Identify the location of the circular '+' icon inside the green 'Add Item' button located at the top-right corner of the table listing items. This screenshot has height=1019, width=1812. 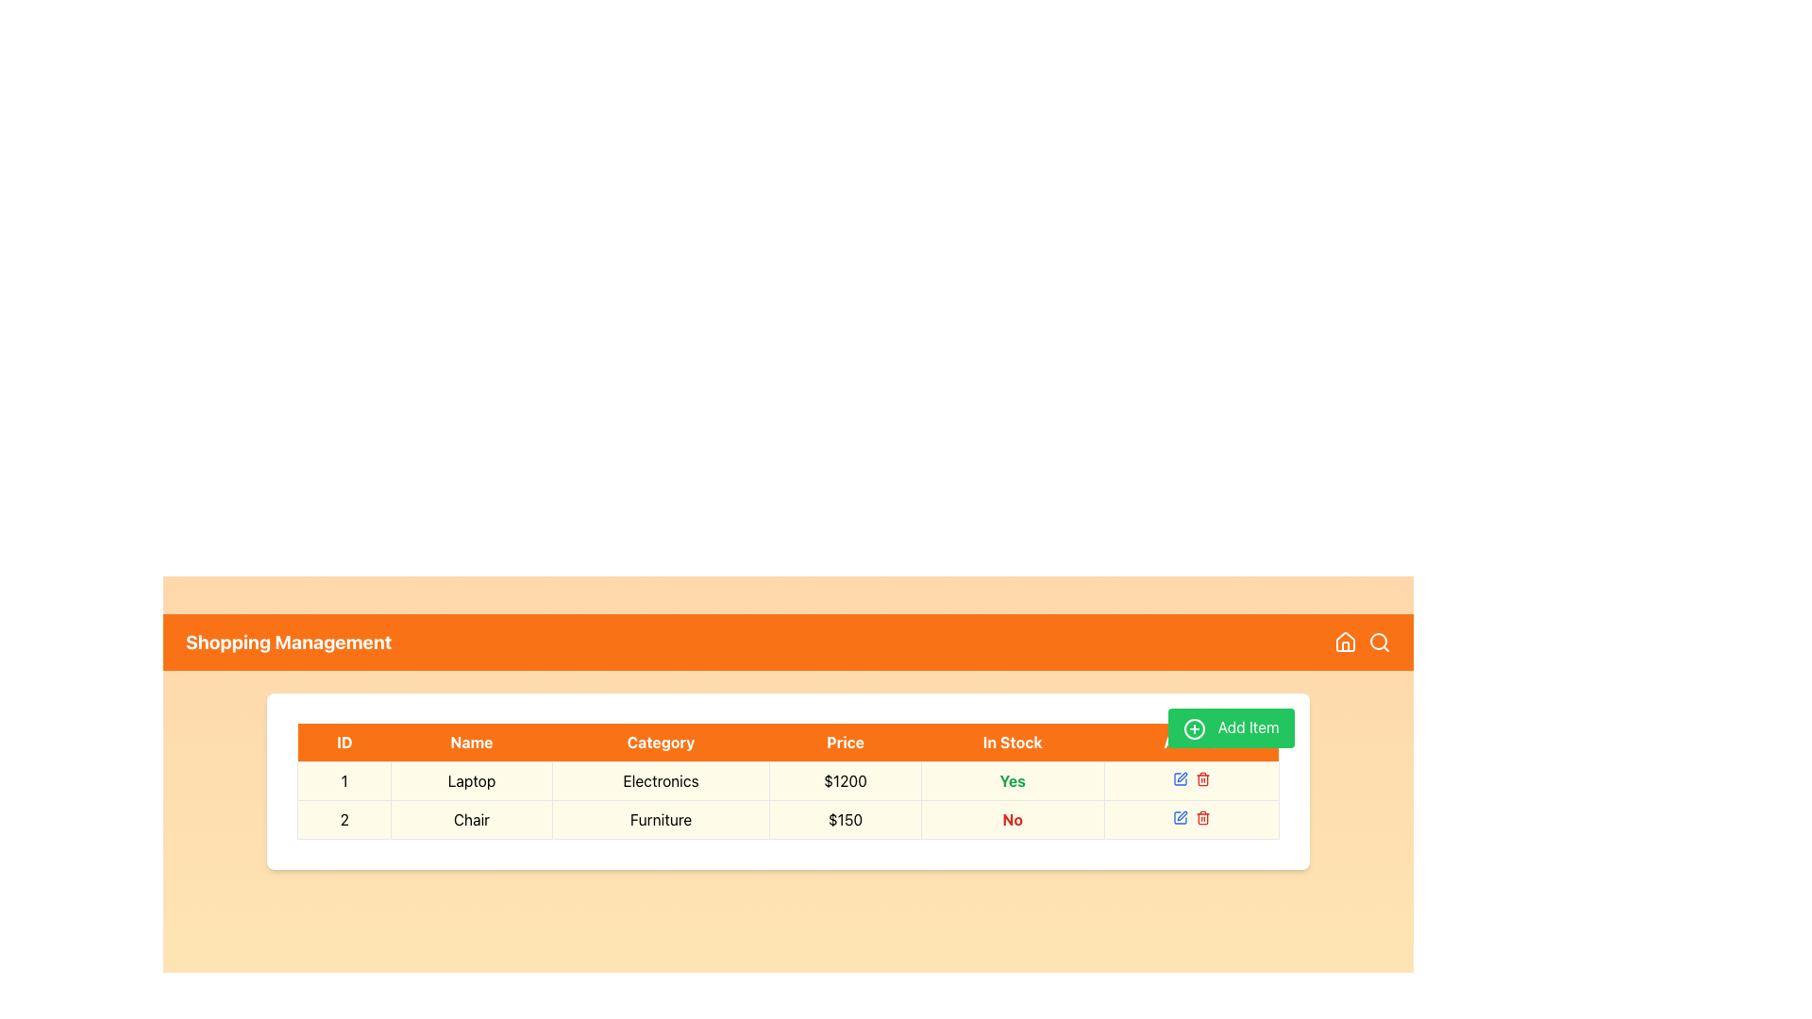
(1194, 727).